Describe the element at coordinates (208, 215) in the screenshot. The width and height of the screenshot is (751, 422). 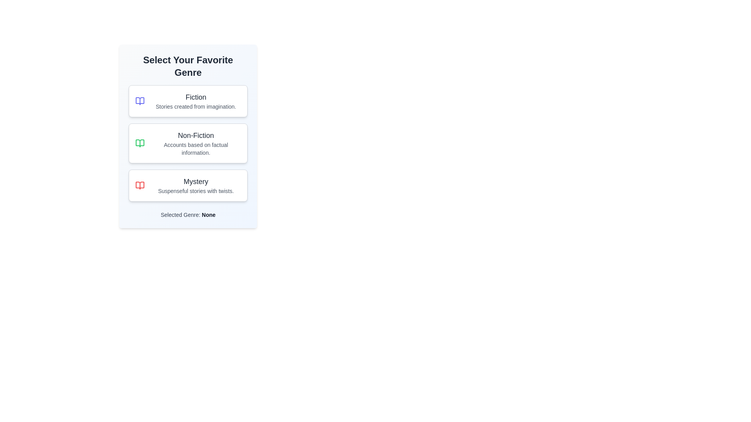
I see `the text label displaying 'None' in bold gray font, which is positioned after the 'Selected Genre:' description on the genre selection card` at that location.